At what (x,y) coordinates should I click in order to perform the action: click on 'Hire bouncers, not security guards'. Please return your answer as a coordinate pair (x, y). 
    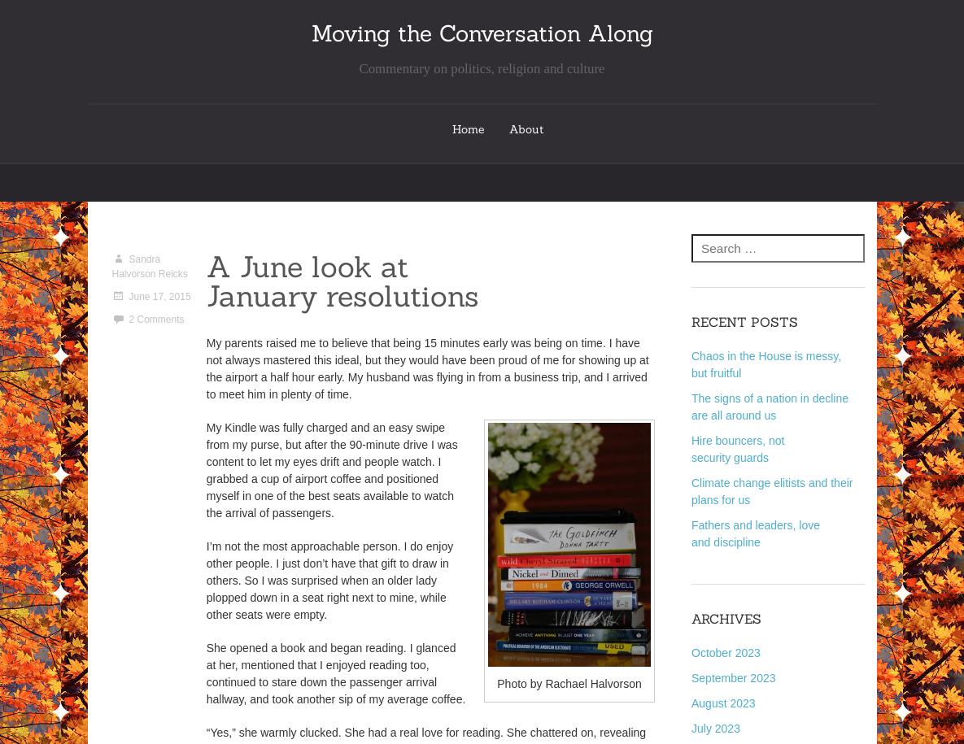
    Looking at the image, I should click on (737, 449).